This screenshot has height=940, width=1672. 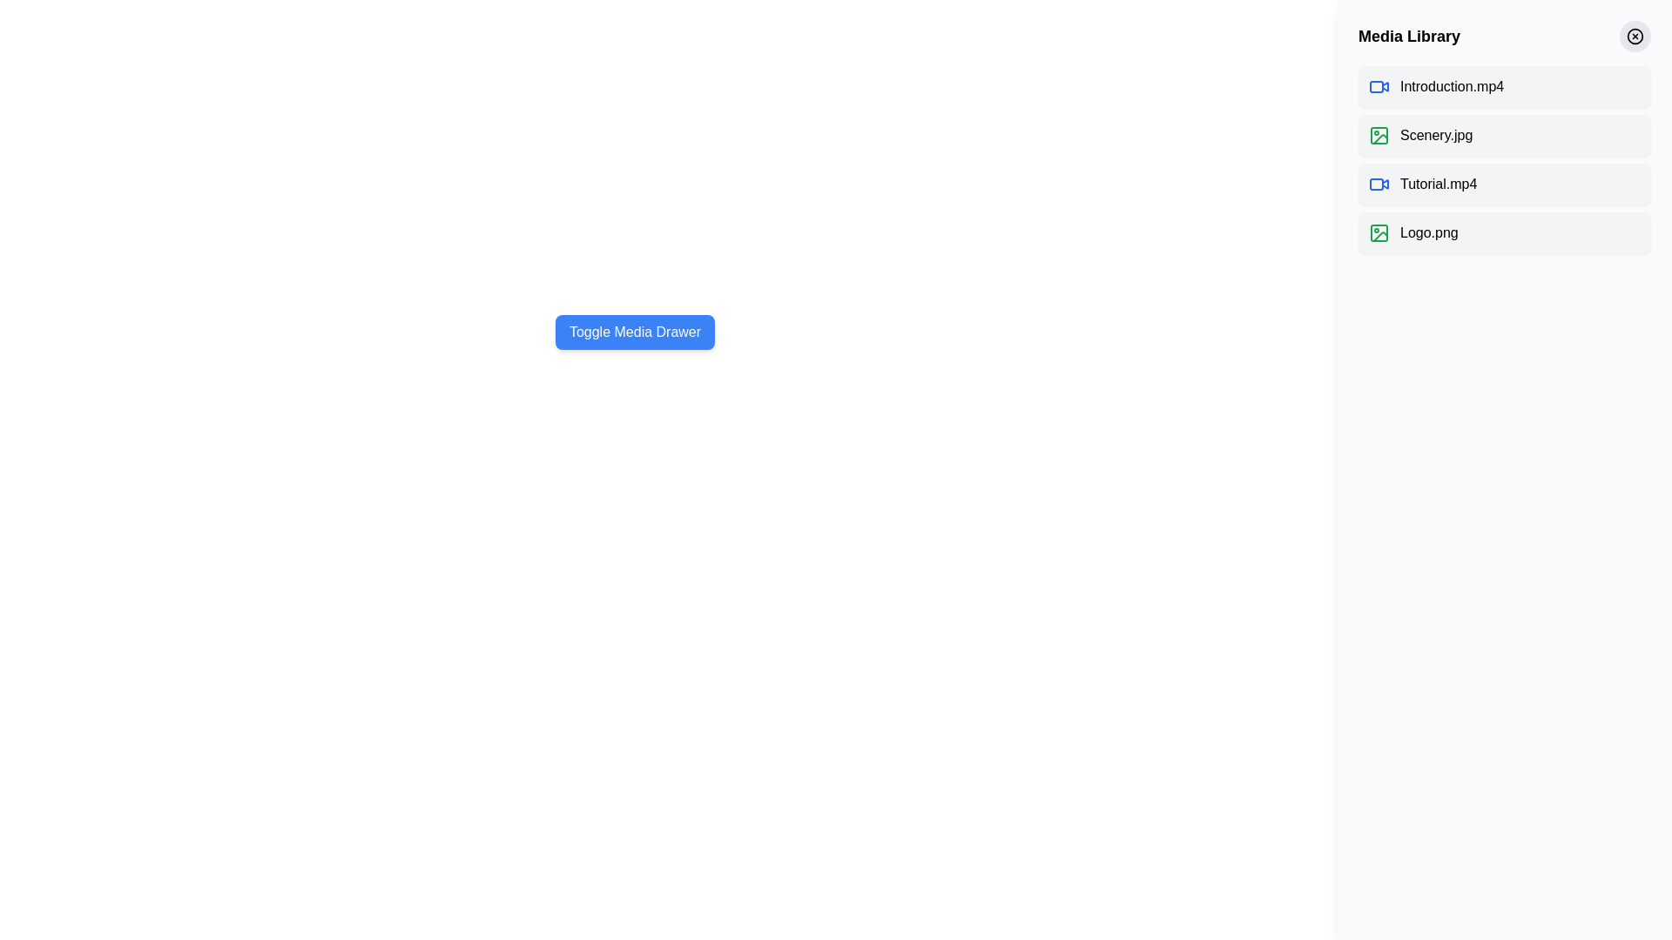 What do you see at coordinates (1379, 232) in the screenshot?
I see `the icon representing the image file 'Logo.png' located on the left side of its label in the media library` at bounding box center [1379, 232].